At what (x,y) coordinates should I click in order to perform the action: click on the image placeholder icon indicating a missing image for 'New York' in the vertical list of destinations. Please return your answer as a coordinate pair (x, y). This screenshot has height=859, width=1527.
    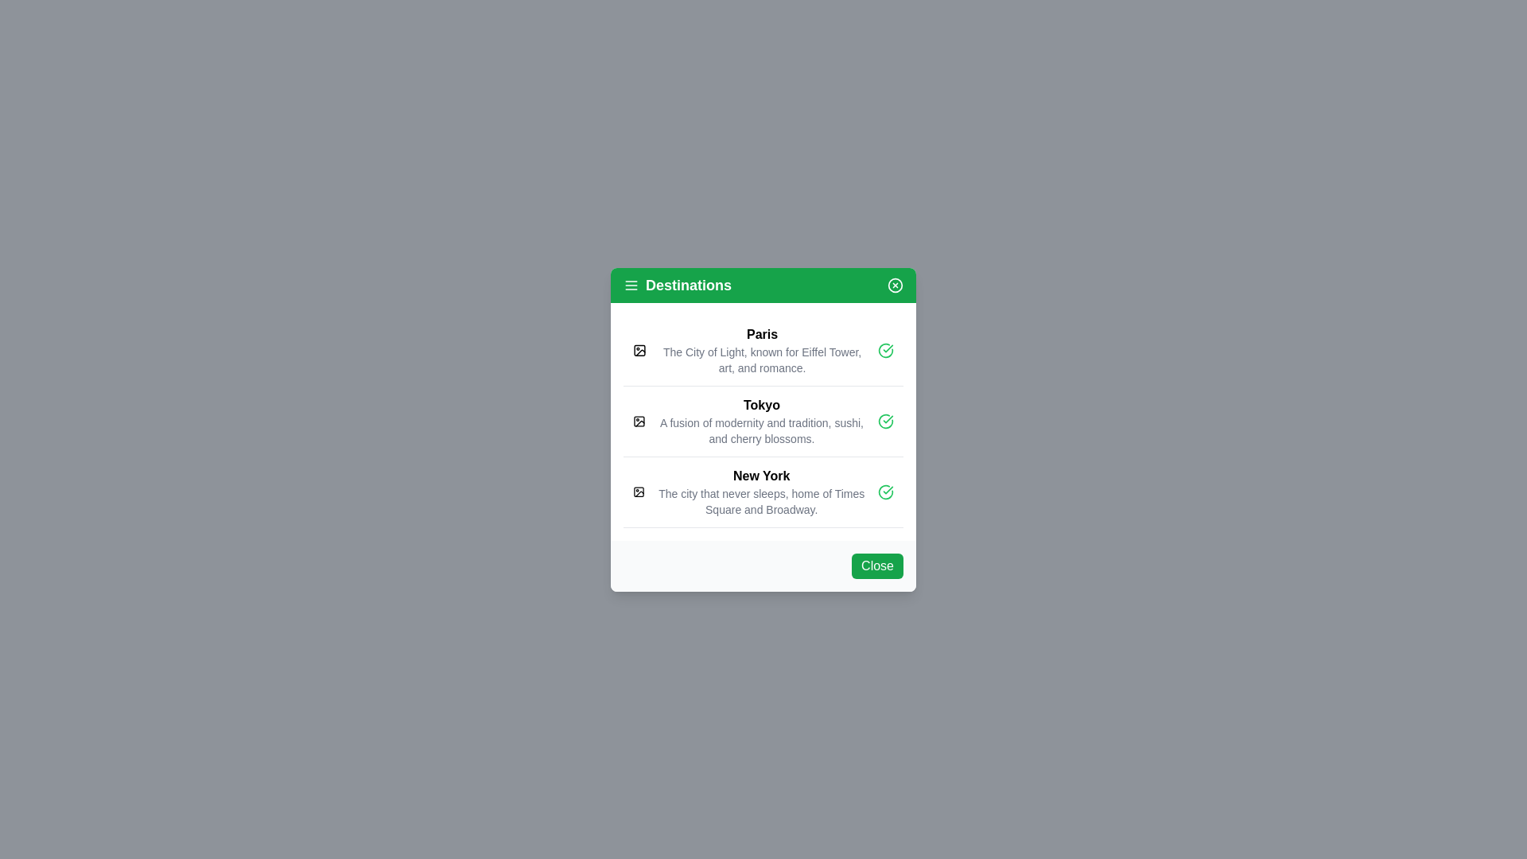
    Looking at the image, I should click on (639, 491).